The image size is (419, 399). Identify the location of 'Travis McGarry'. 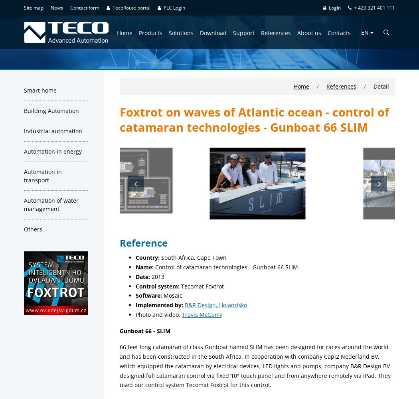
(182, 314).